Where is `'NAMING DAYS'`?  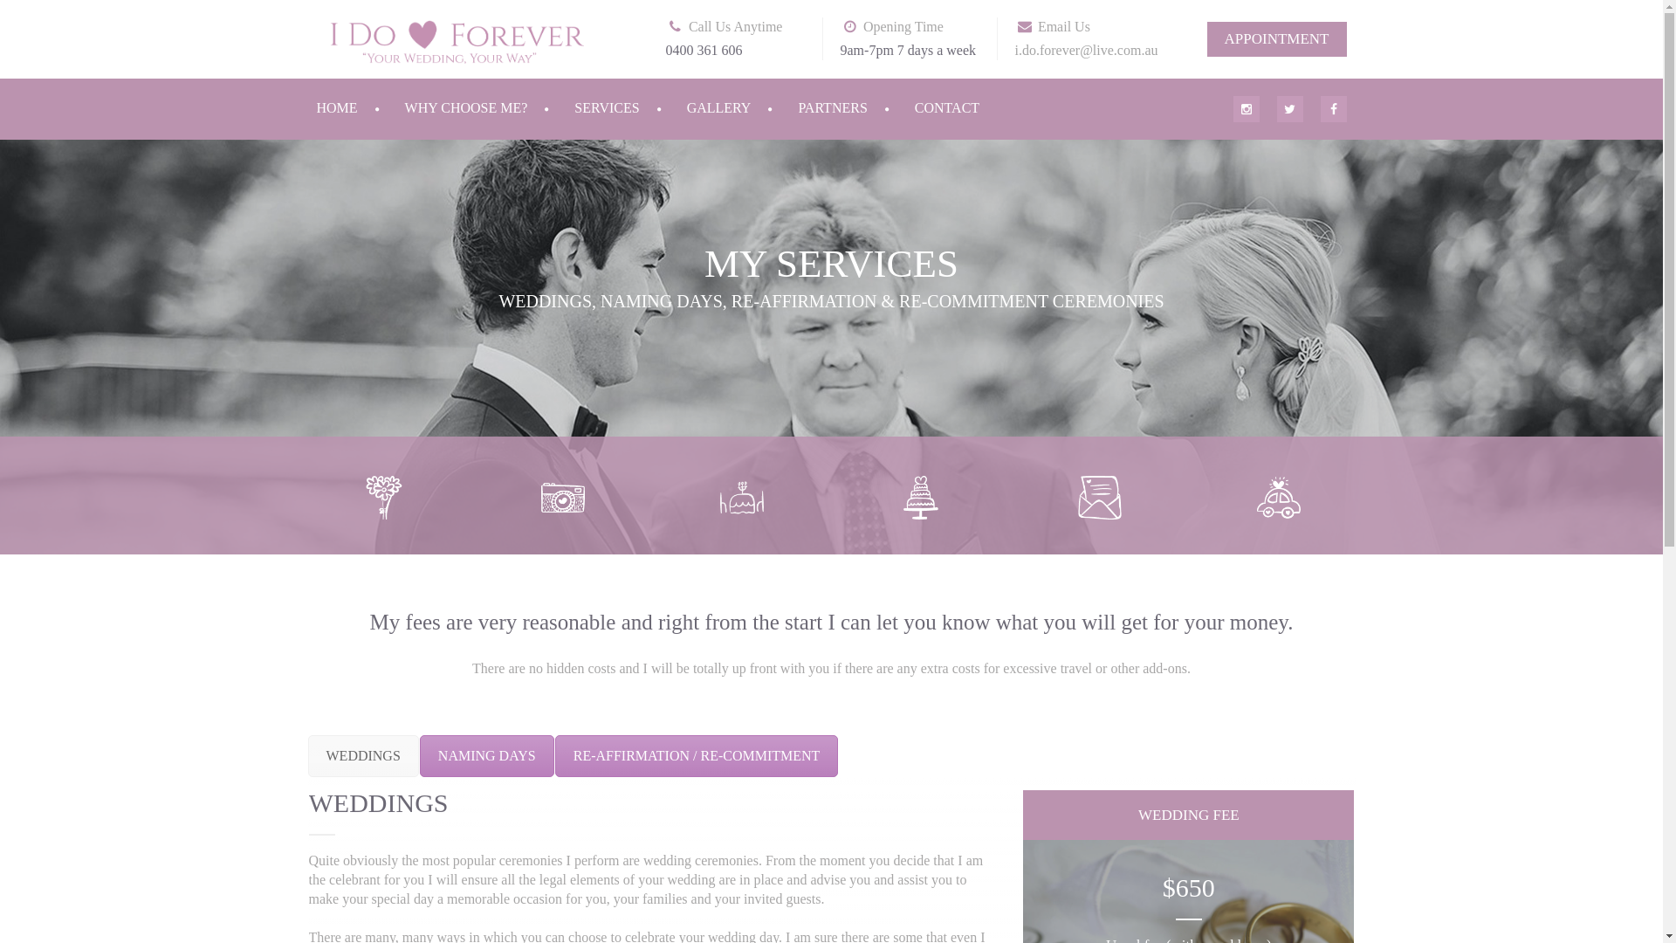 'NAMING DAYS' is located at coordinates (486, 755).